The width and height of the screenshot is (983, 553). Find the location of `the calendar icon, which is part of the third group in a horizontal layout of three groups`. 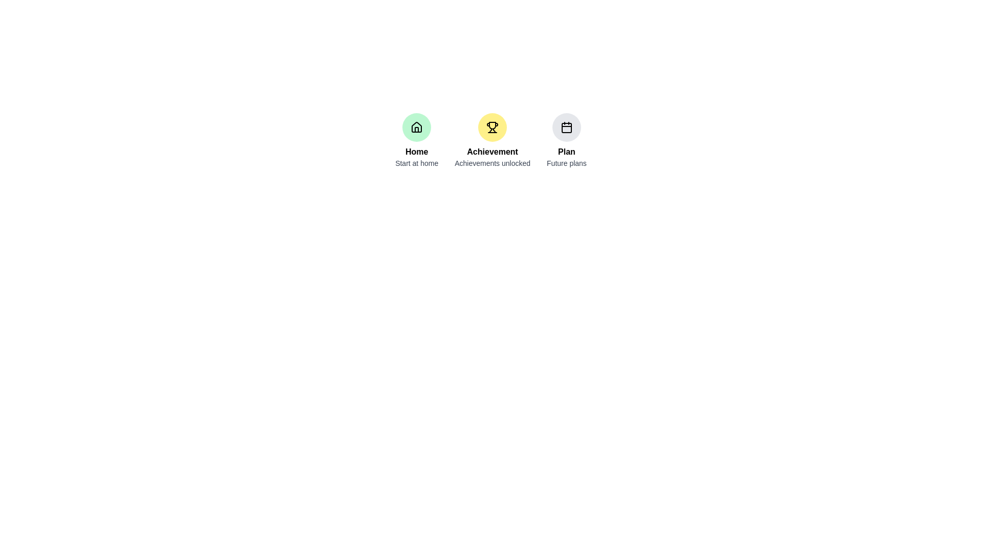

the calendar icon, which is part of the third group in a horizontal layout of three groups is located at coordinates (566, 127).